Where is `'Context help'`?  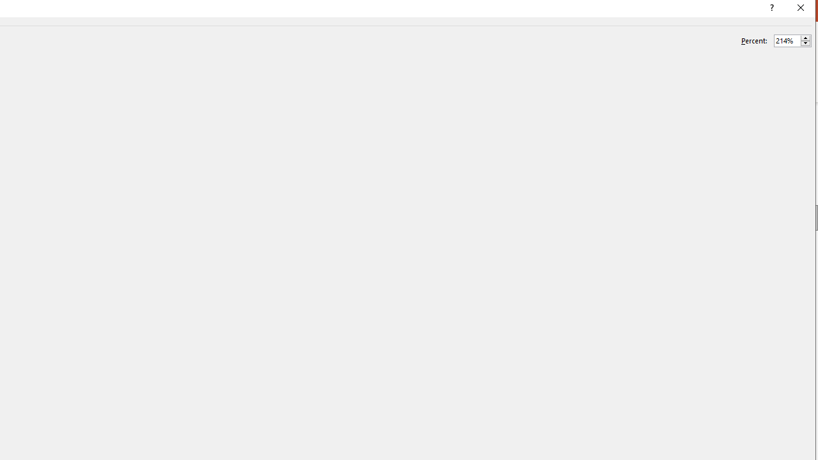
'Context help' is located at coordinates (770, 10).